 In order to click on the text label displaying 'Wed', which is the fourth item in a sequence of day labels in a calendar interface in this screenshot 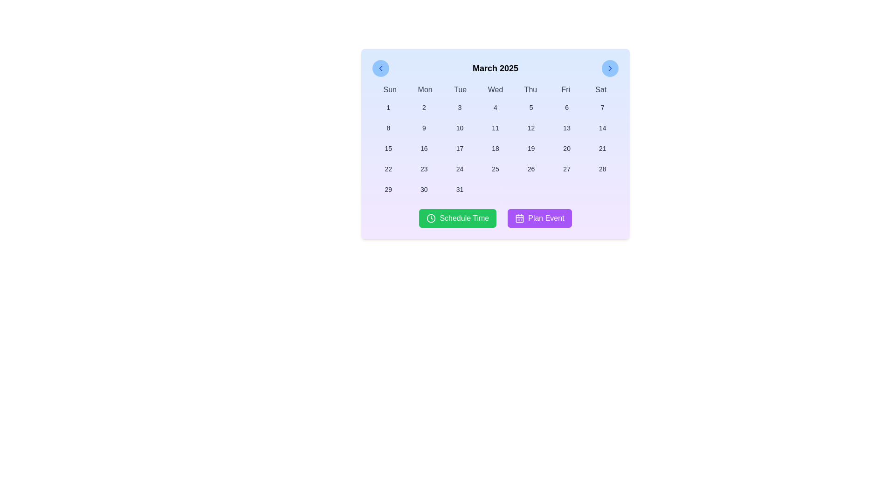, I will do `click(495, 89)`.